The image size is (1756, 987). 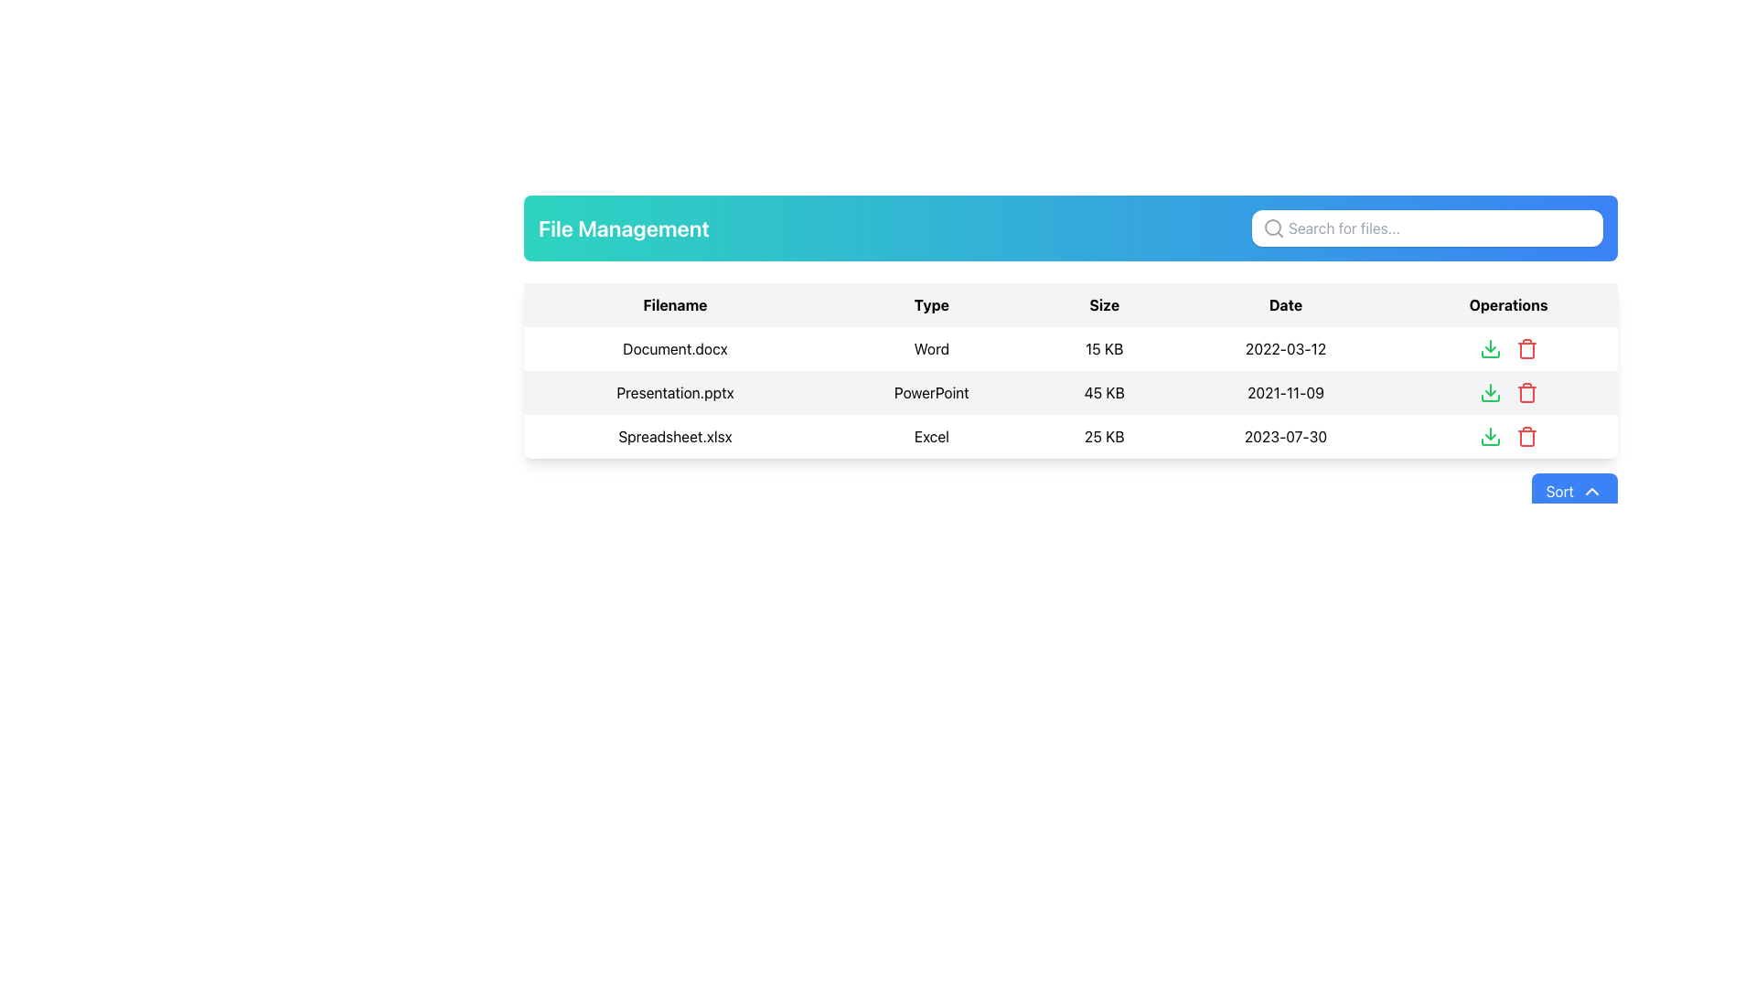 I want to click on the static text label displaying 'Word', which is the second cell in the first row of the table under the 'Type' column, so click(x=931, y=348).